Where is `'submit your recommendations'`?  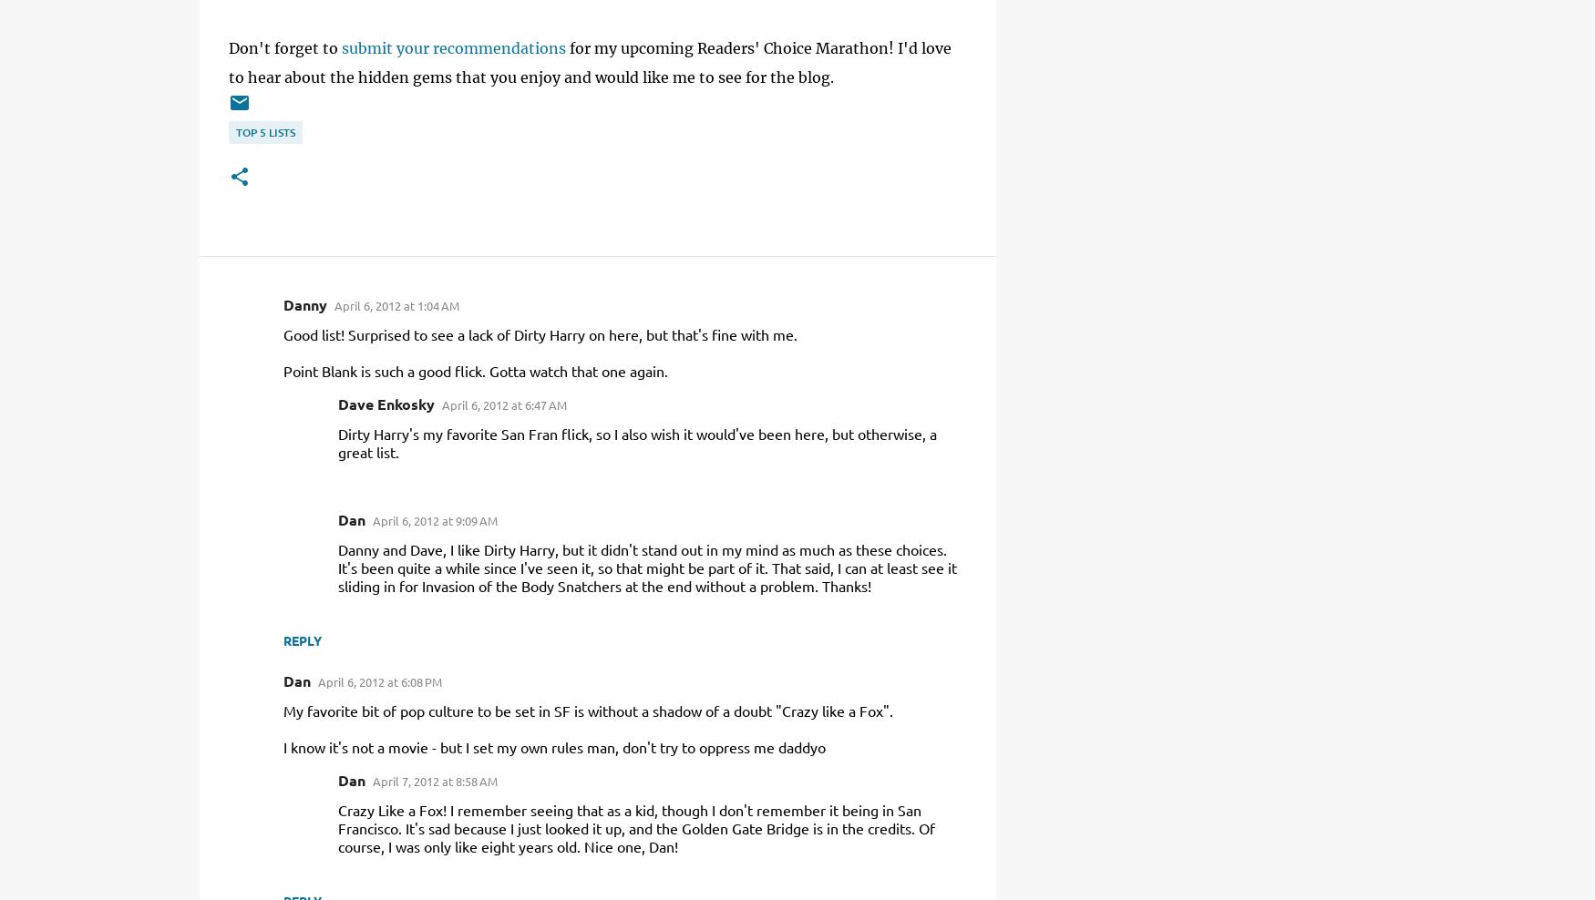
'submit your recommendations' is located at coordinates (454, 46).